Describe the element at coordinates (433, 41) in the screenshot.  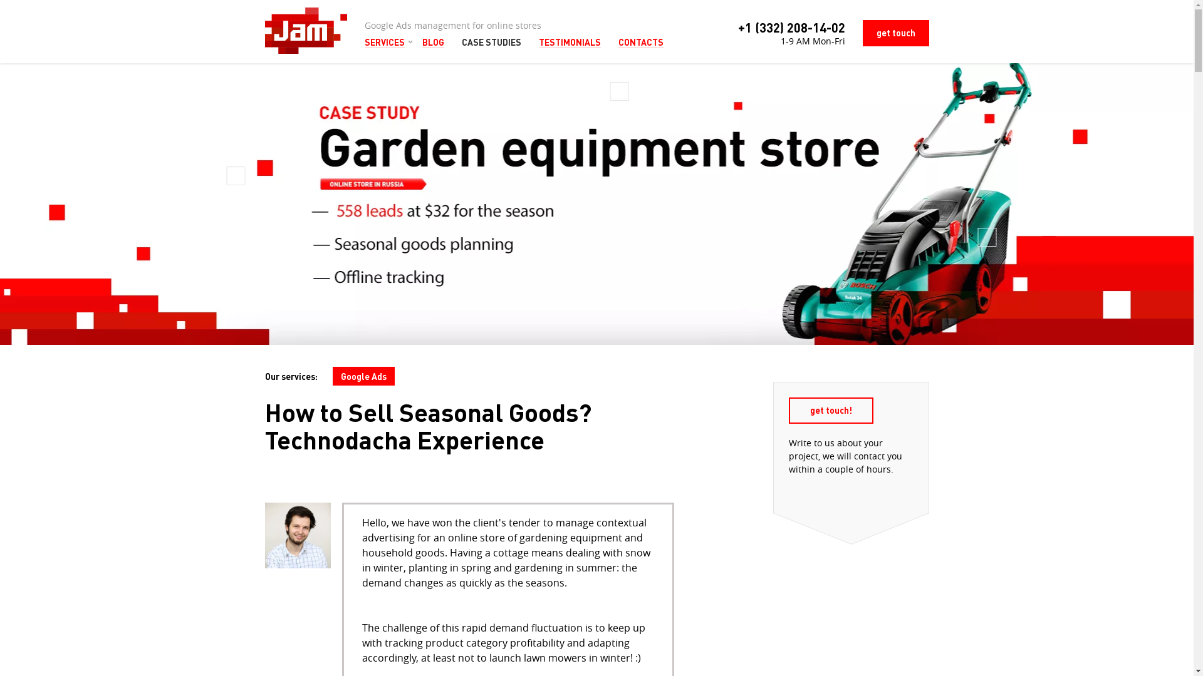
I see `'BLOG'` at that location.